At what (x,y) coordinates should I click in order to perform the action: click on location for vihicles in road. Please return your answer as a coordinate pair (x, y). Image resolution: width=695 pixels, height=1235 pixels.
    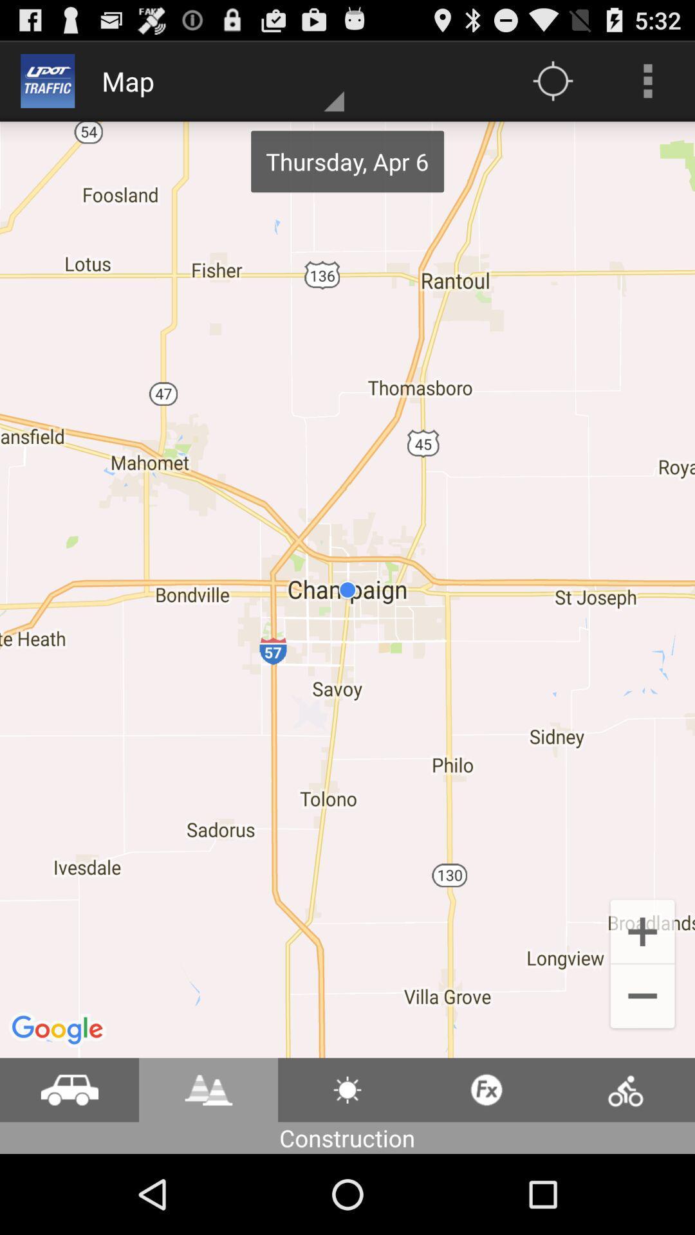
    Looking at the image, I should click on (69, 1089).